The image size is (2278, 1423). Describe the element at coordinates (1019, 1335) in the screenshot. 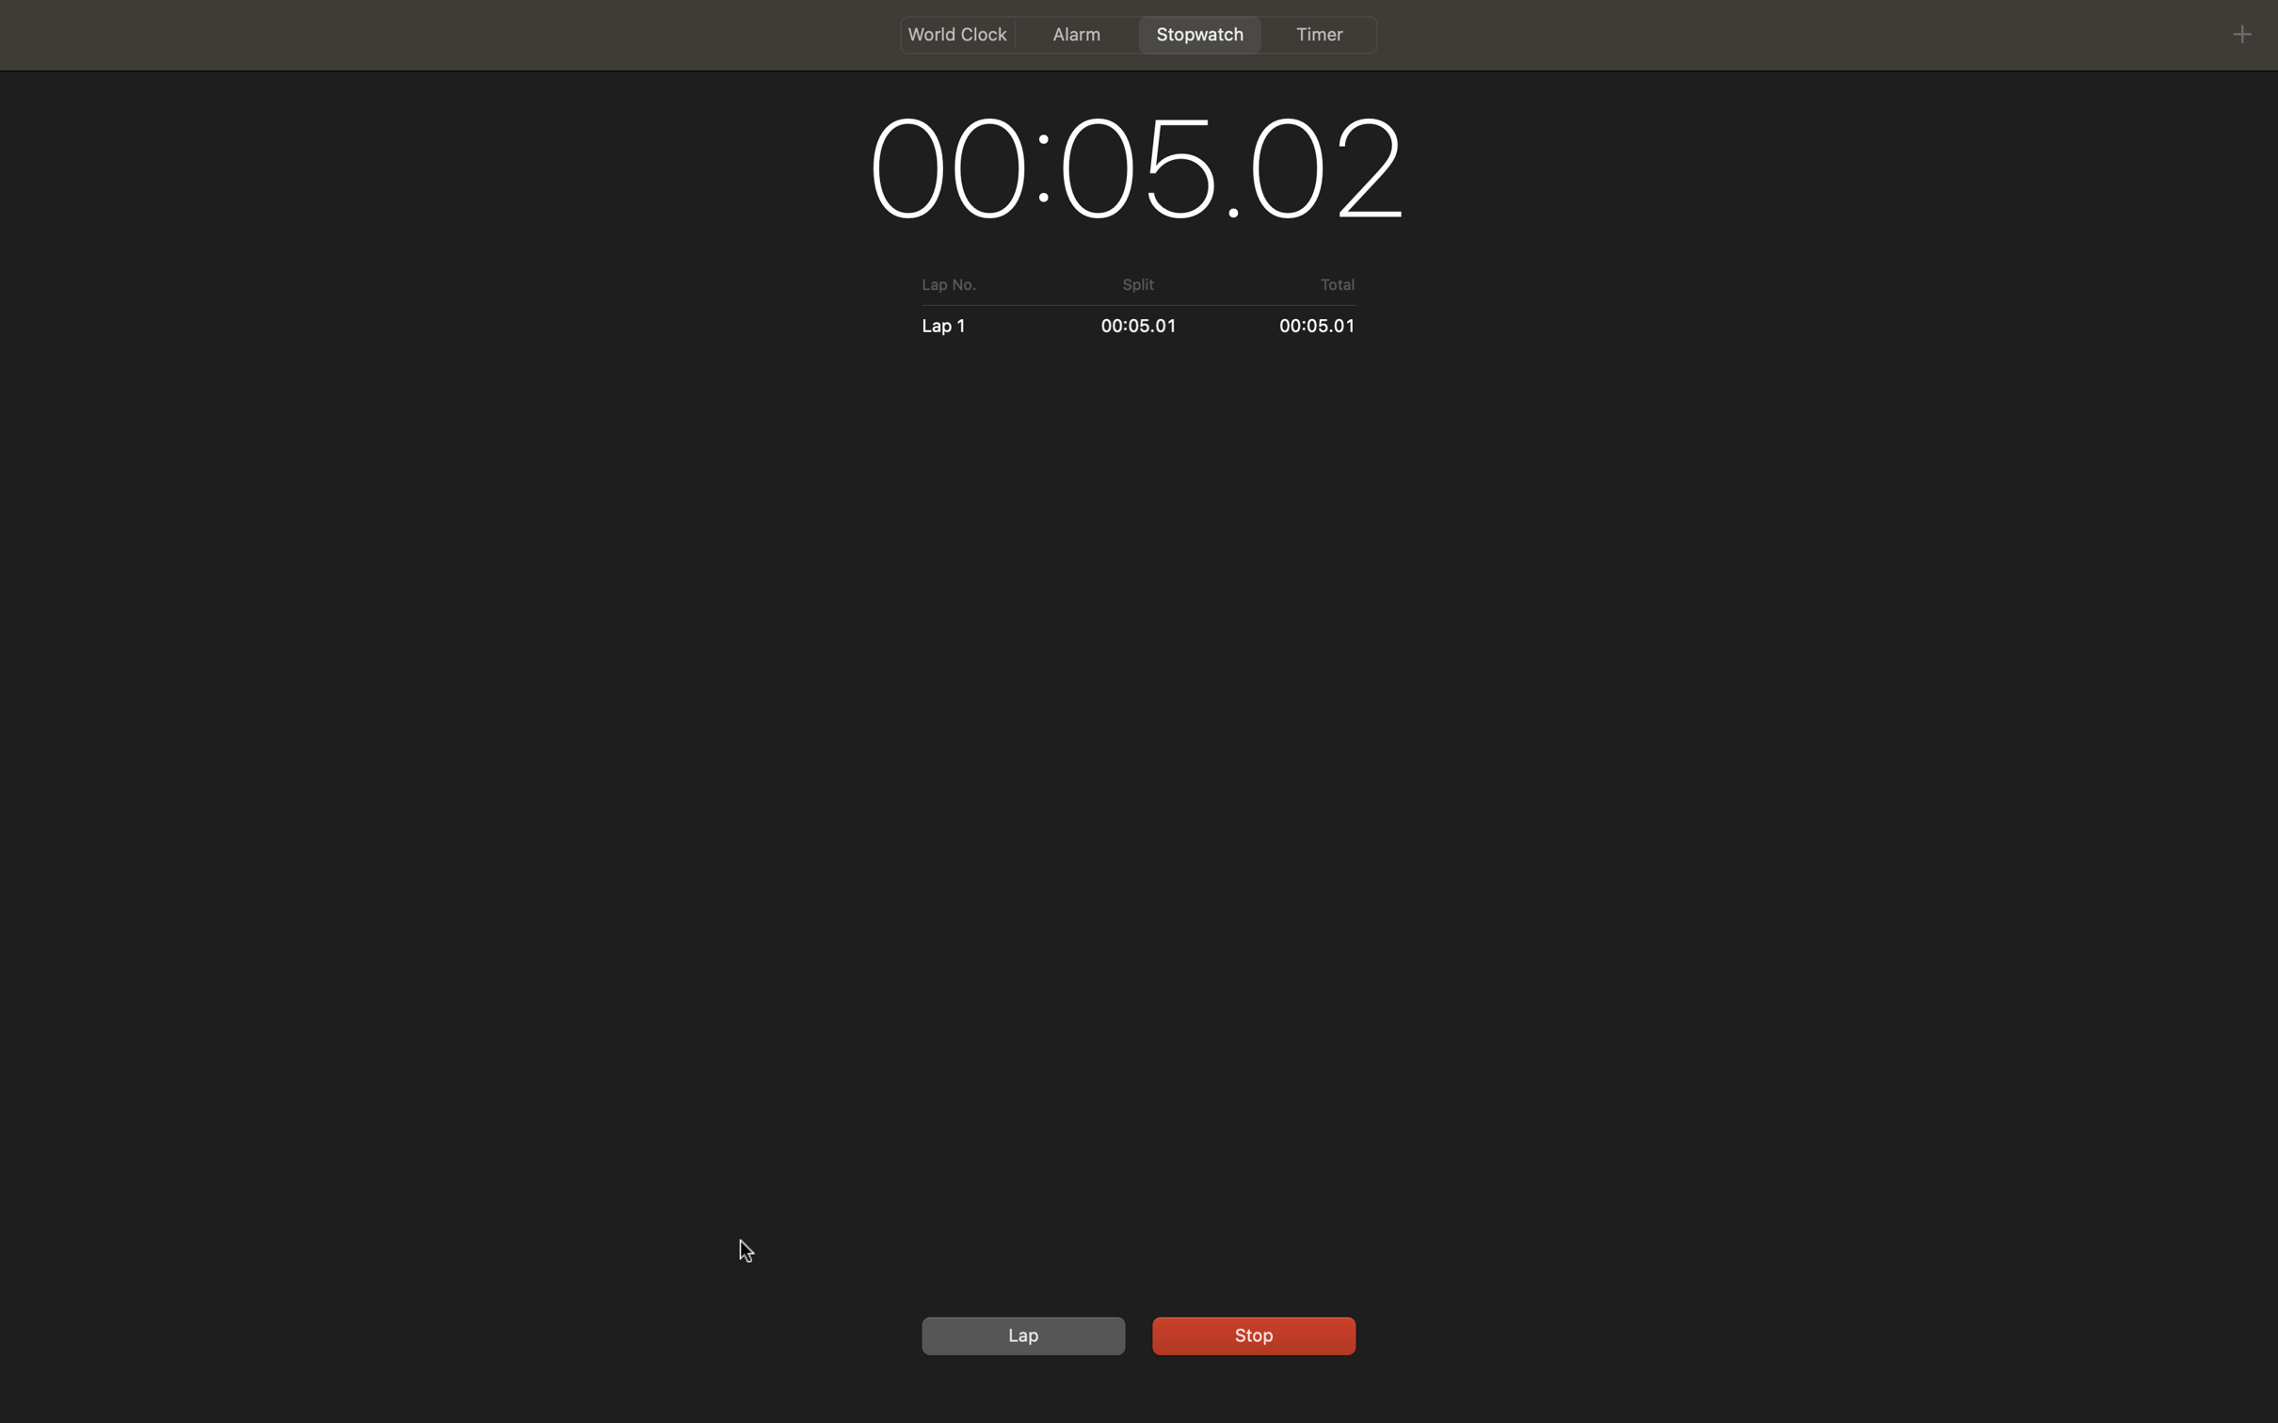

I see `Record two lap times and then stop the timer` at that location.